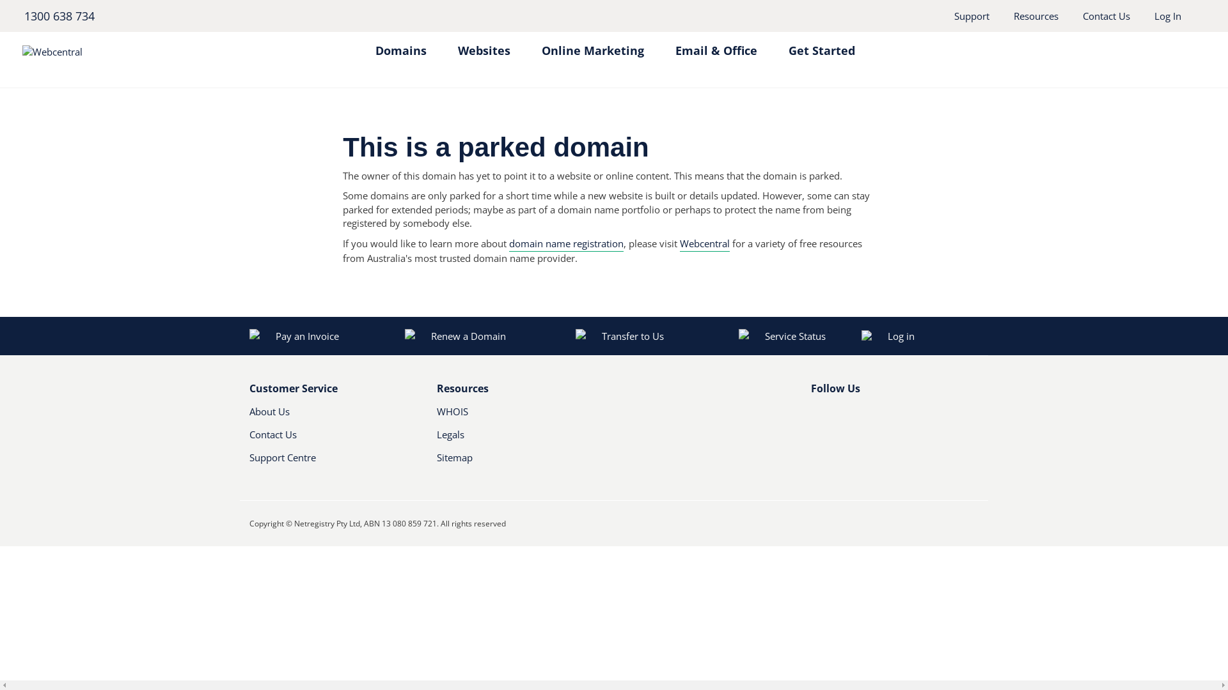 The width and height of the screenshot is (1228, 690). I want to click on 'Support', so click(954, 15).